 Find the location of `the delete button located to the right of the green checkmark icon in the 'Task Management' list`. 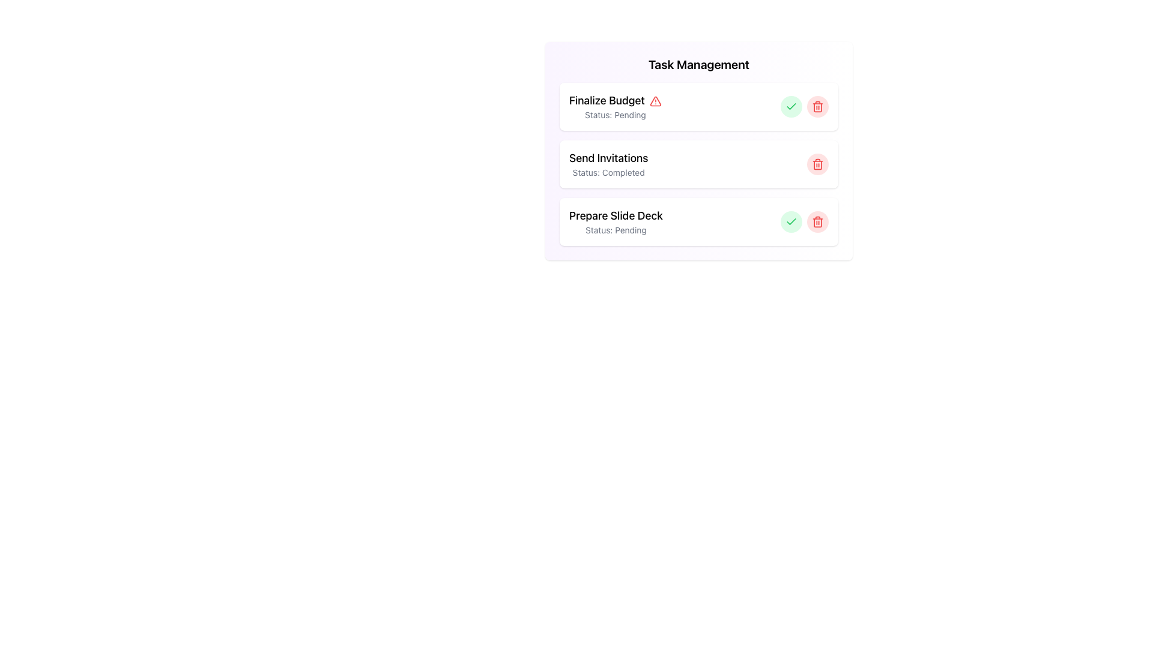

the delete button located to the right of the green checkmark icon in the 'Task Management' list is located at coordinates (817, 222).